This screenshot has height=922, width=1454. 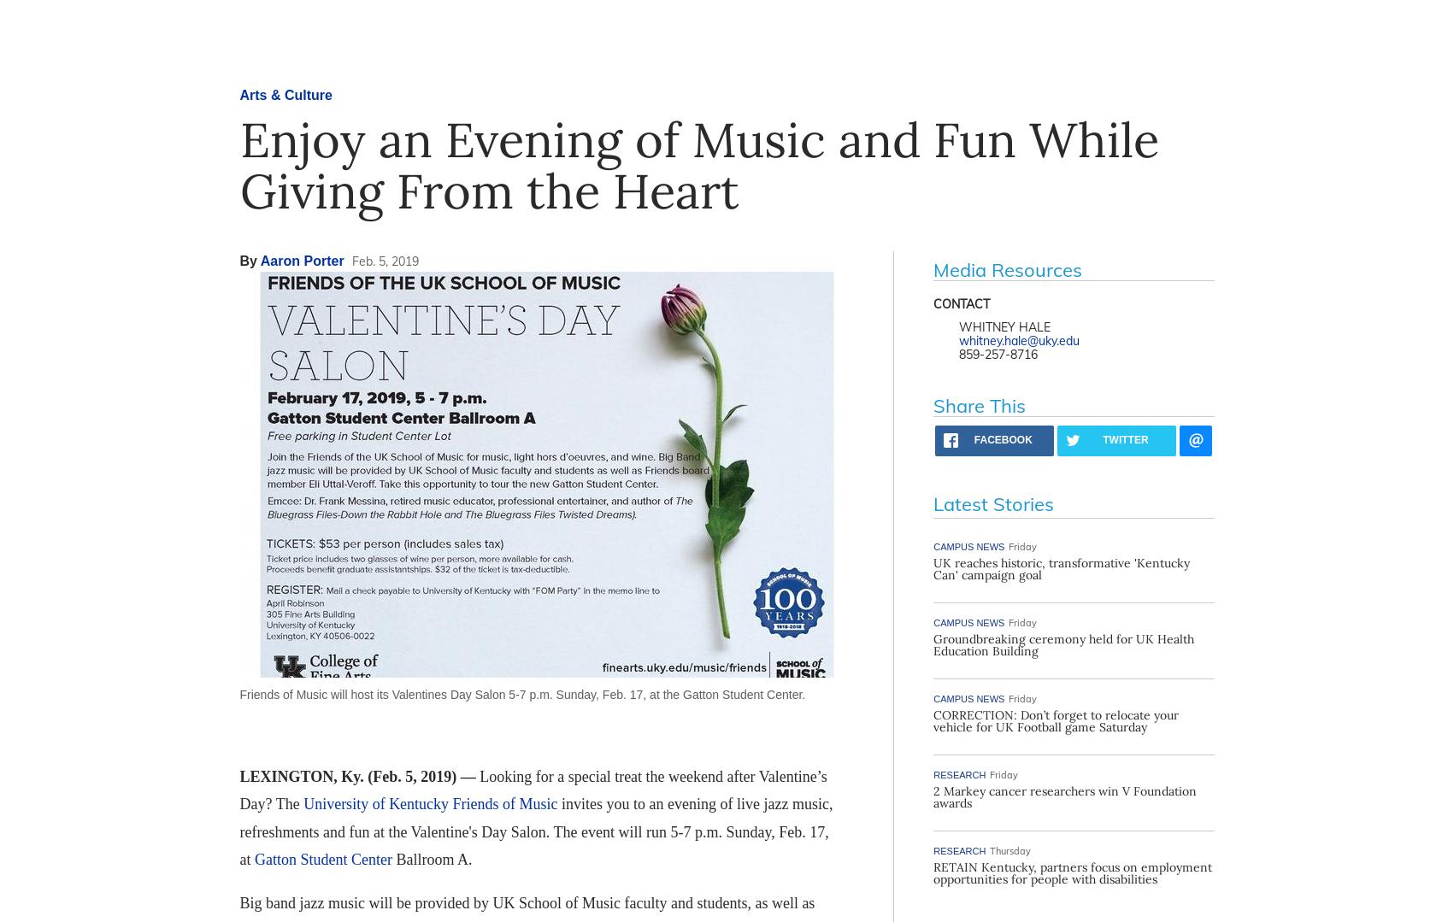 I want to click on 'email', so click(x=1181, y=452).